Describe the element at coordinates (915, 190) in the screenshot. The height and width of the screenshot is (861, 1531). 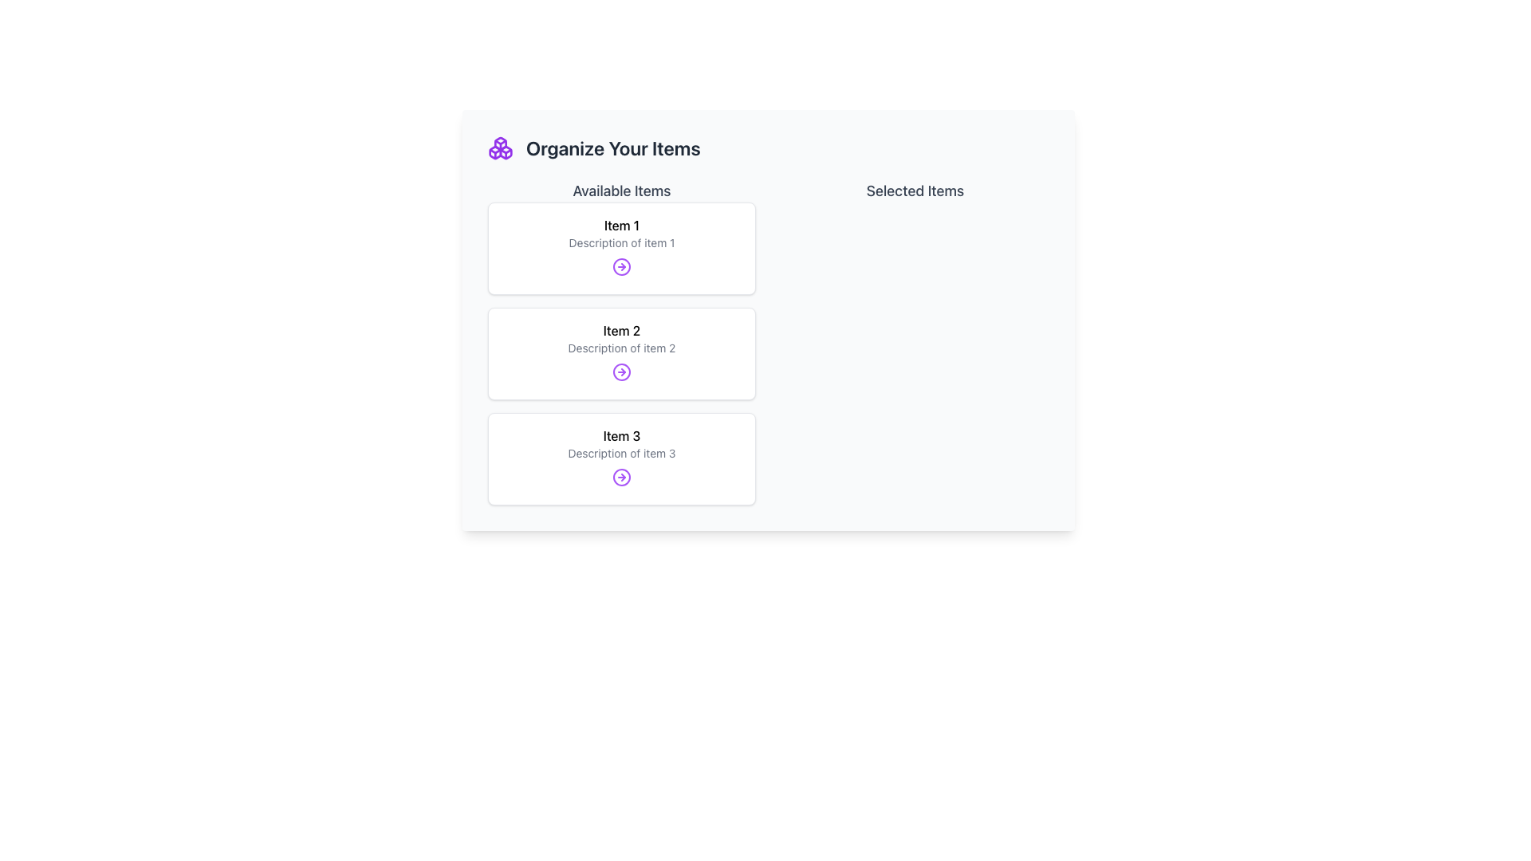
I see `the 'Selected Items' text label, which is prominently displayed in the upper-right section of the interface with a larger font size and medium weight in gray color` at that location.